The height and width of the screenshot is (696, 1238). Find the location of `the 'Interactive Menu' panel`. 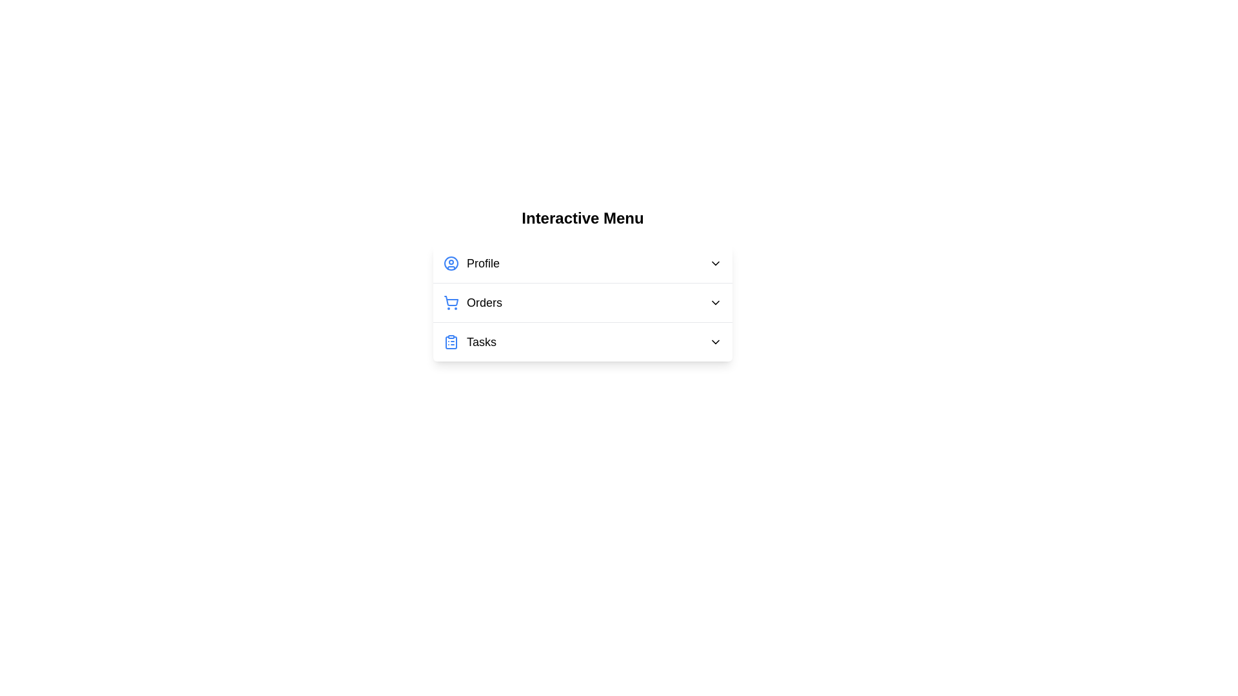

the 'Interactive Menu' panel is located at coordinates (582, 284).